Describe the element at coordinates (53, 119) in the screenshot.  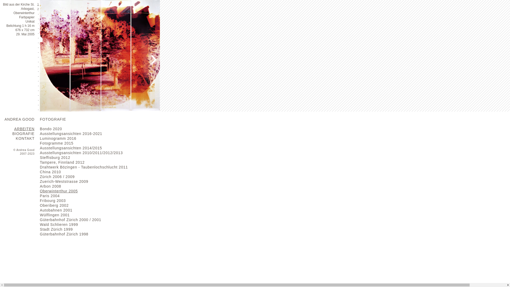
I see `'FOTOGRAFIE'` at that location.